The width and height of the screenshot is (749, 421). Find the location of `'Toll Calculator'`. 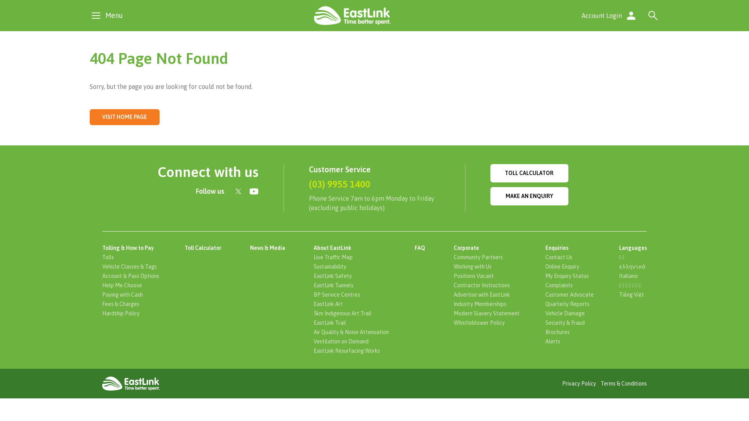

'Toll Calculator' is located at coordinates (208, 248).